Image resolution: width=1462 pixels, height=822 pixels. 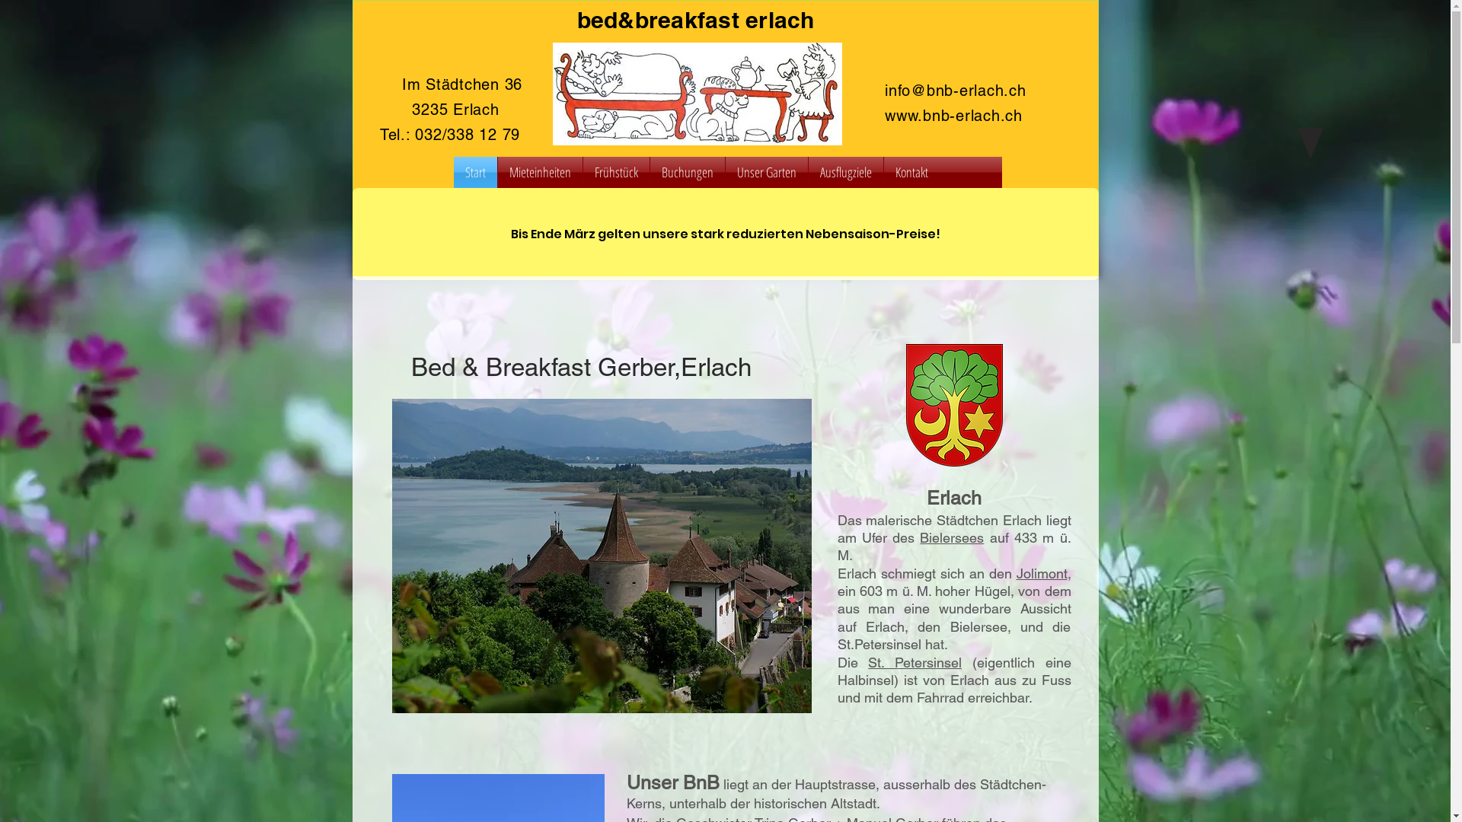 What do you see at coordinates (540, 171) in the screenshot?
I see `'Mieteinheiten'` at bounding box center [540, 171].